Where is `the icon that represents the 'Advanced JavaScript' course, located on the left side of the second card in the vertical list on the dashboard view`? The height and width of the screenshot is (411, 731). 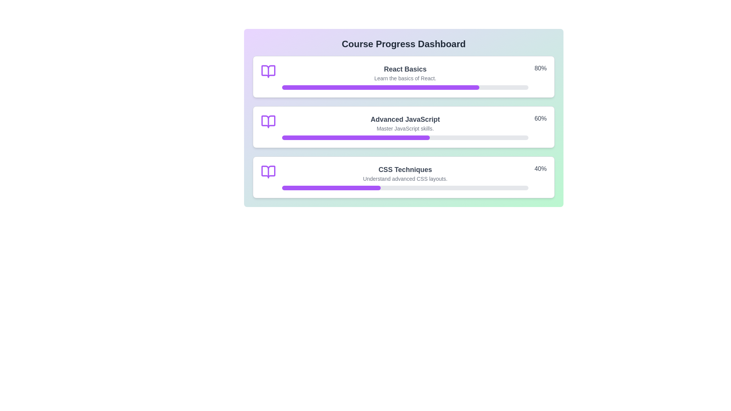
the icon that represents the 'Advanced JavaScript' course, located on the left side of the second card in the vertical list on the dashboard view is located at coordinates (268, 121).